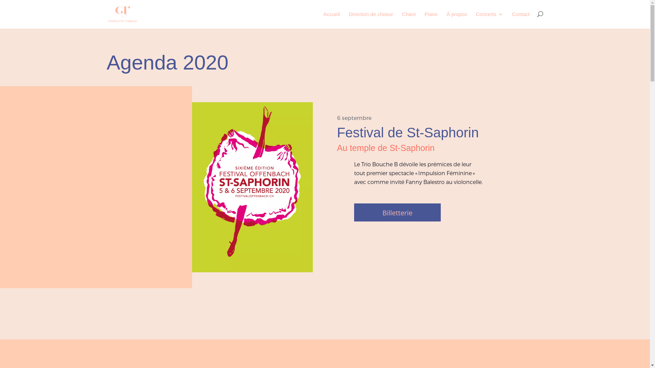 The height and width of the screenshot is (368, 655). Describe the element at coordinates (397, 212) in the screenshot. I see `'Billetterie'` at that location.